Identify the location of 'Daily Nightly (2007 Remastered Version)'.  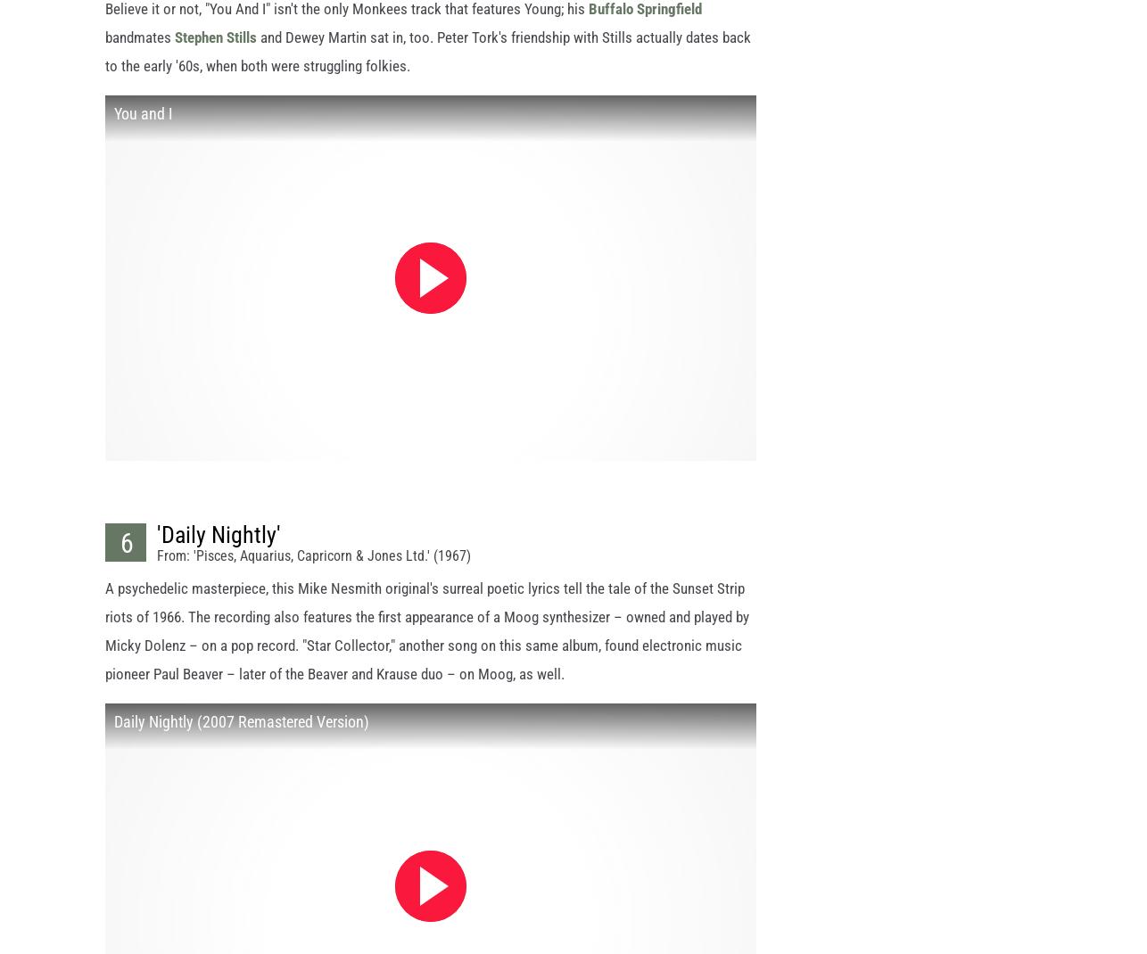
(113, 737).